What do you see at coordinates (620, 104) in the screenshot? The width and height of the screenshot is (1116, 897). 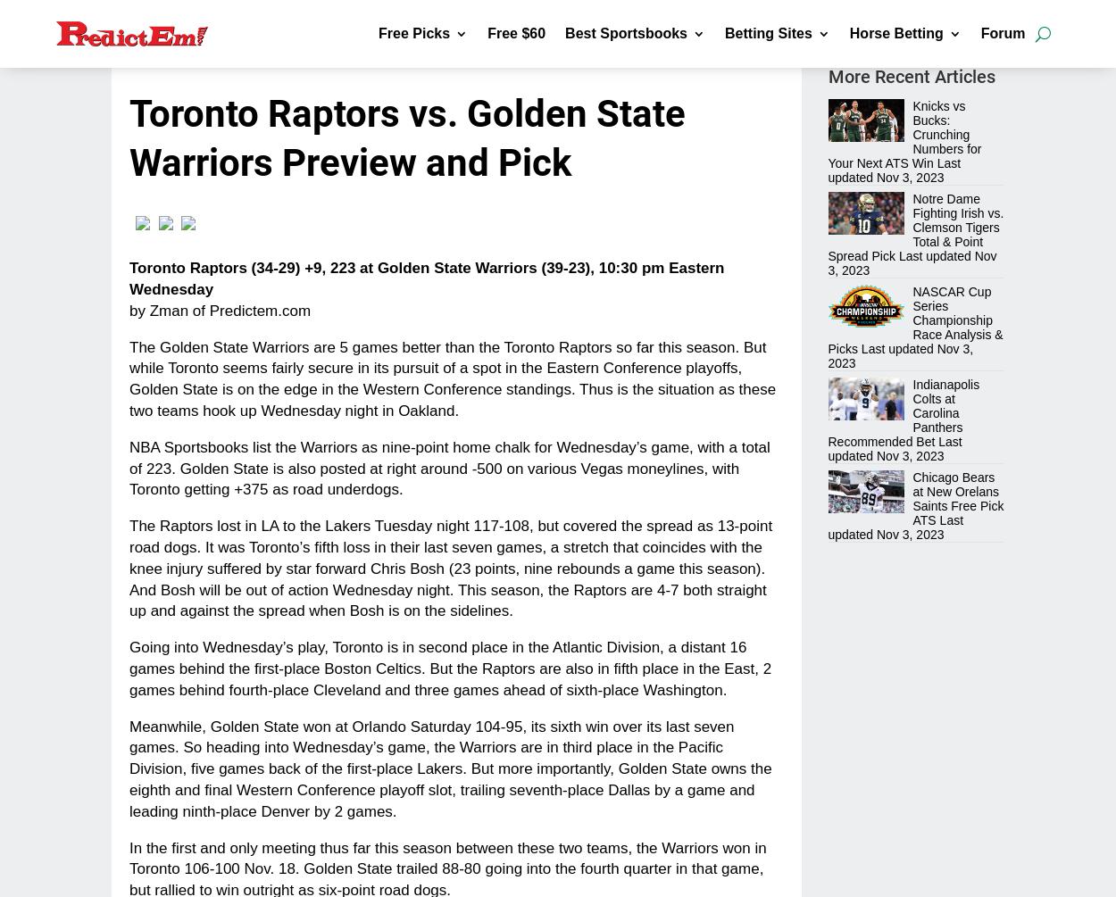 I see `'Bonuses'` at bounding box center [620, 104].